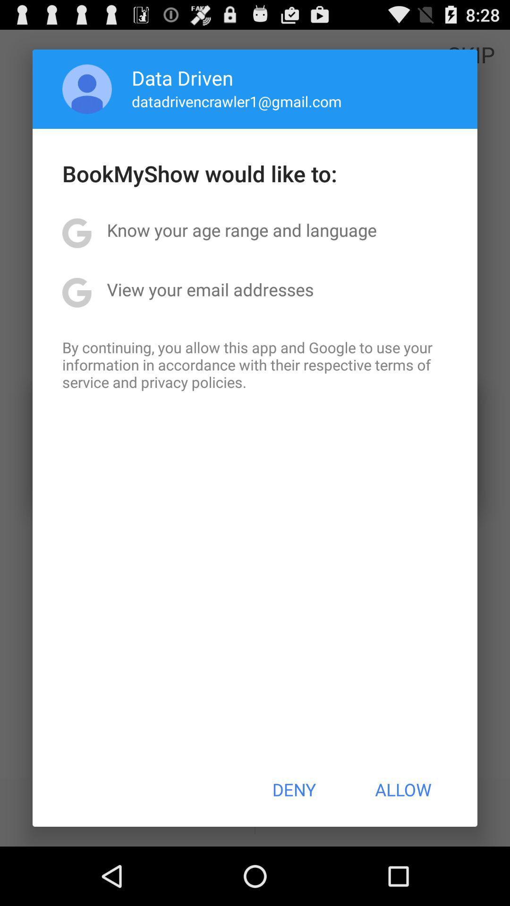  Describe the element at coordinates (87, 89) in the screenshot. I see `icon above the bookmyshow would like item` at that location.